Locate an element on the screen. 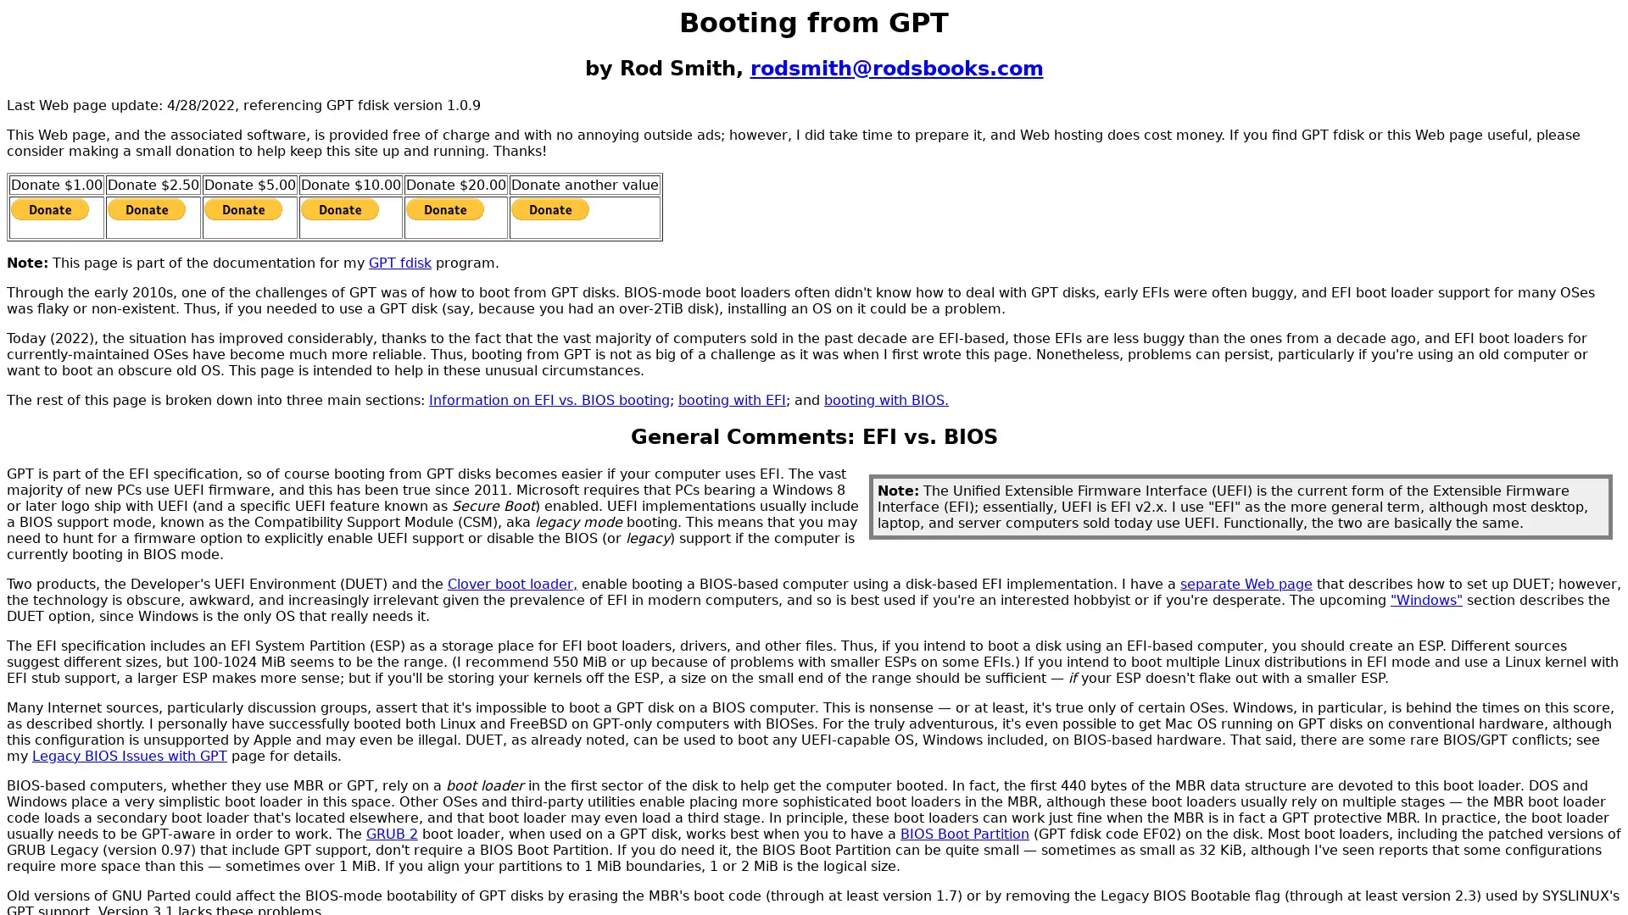 The width and height of the screenshot is (1628, 915). PayPal - The safer, easier way to pay online! is located at coordinates (243, 208).